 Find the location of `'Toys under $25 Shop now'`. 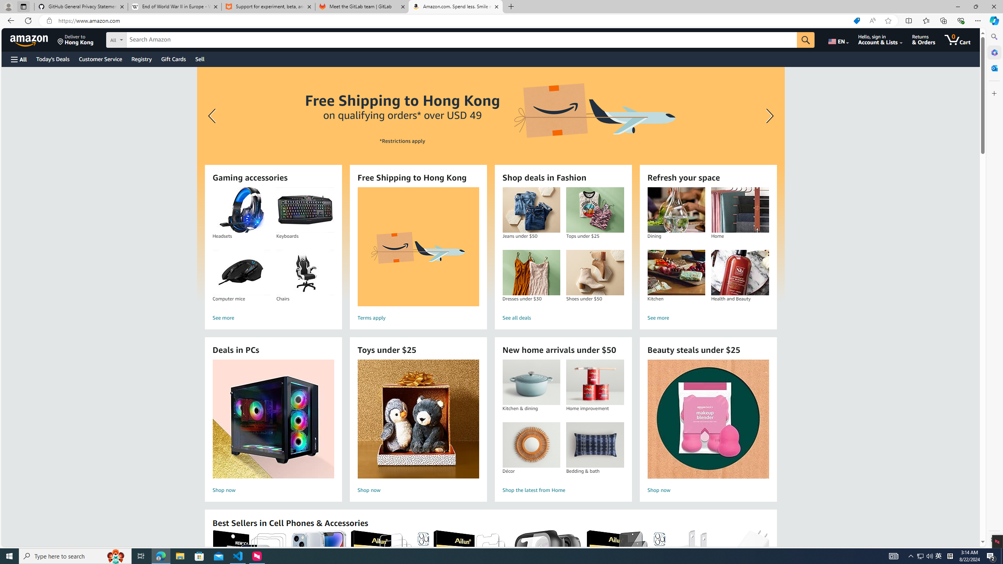

'Toys under $25 Shop now' is located at coordinates (418, 427).